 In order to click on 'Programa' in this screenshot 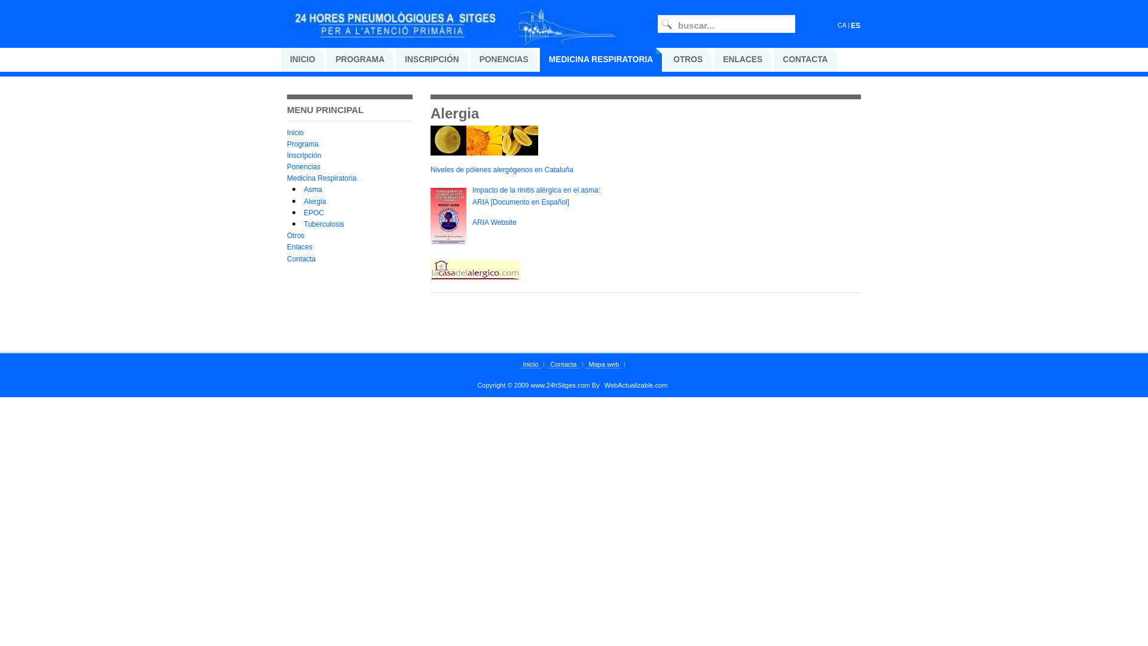, I will do `click(303, 143)`.